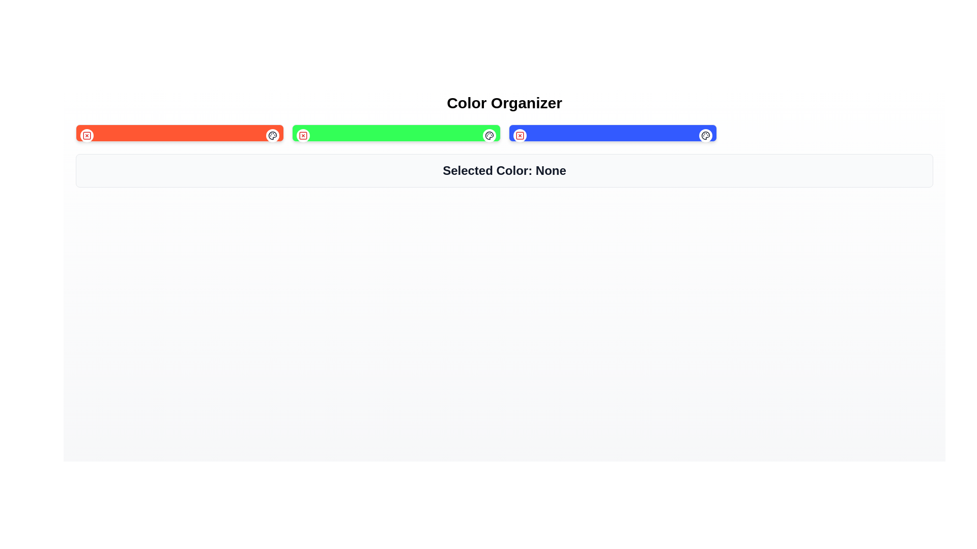 The image size is (977, 549). What do you see at coordinates (303, 135) in the screenshot?
I see `the red square button with a white 'X' inside, which is located at the top-left corner of the green rectangular section` at bounding box center [303, 135].